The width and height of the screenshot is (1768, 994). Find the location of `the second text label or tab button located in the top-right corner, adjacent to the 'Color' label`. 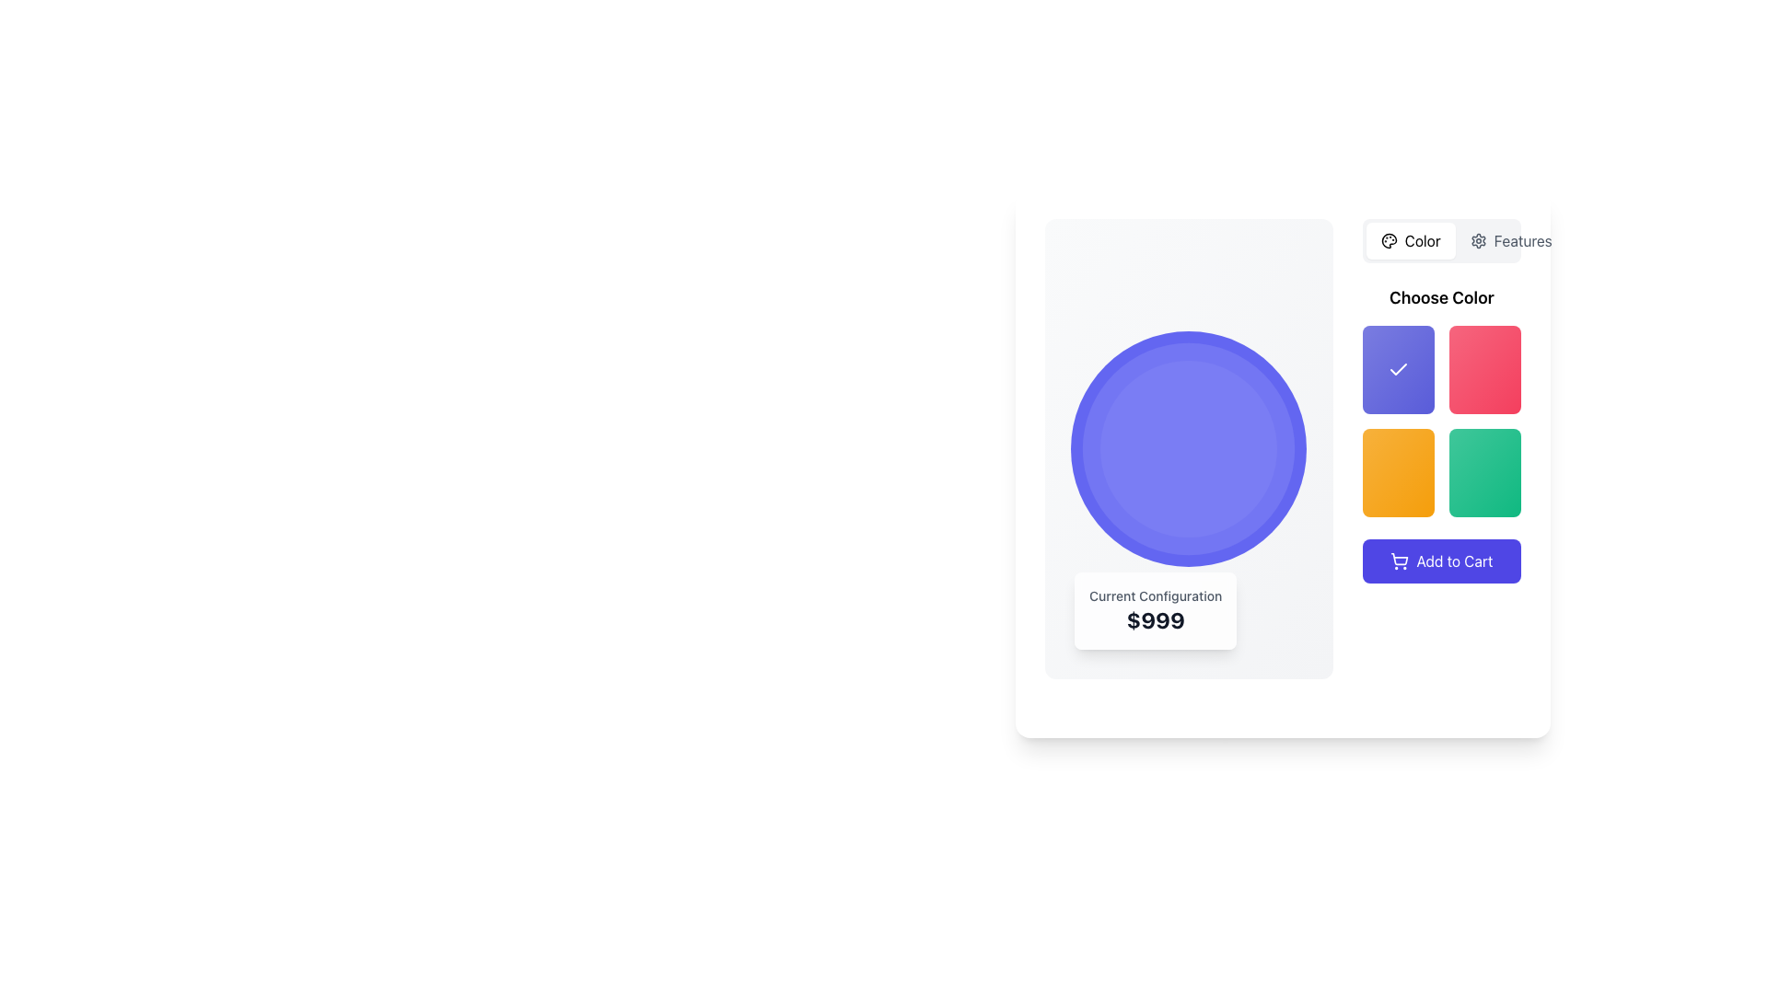

the second text label or tab button located in the top-right corner, adjacent to the 'Color' label is located at coordinates (1523, 240).